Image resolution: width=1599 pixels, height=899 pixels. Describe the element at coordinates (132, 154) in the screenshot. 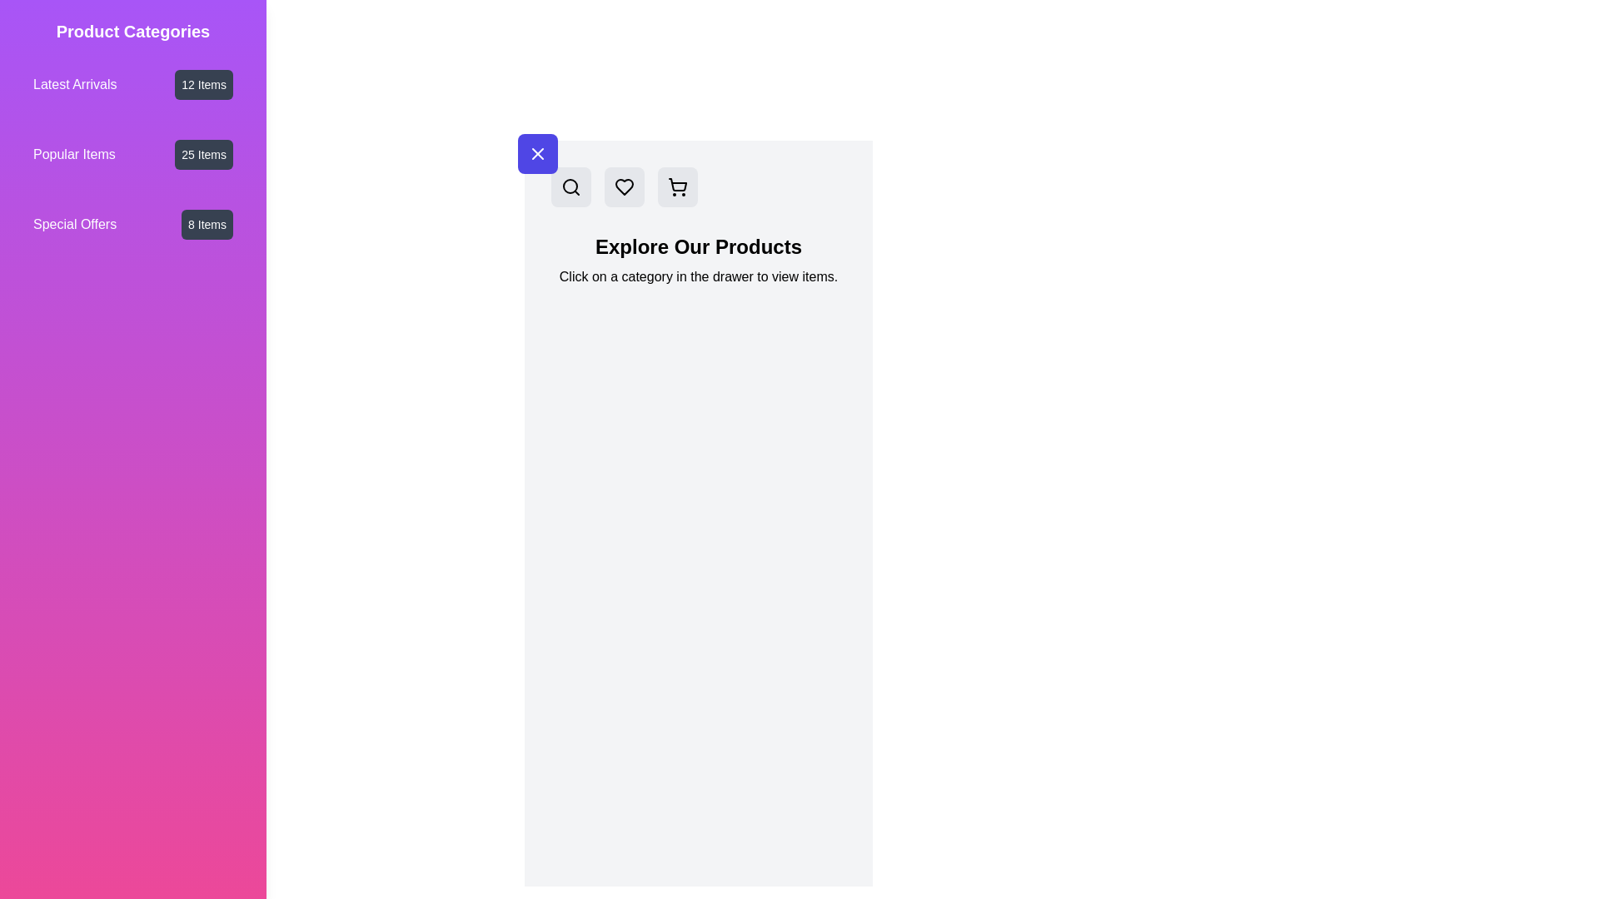

I see `the category item Popular Items` at that location.